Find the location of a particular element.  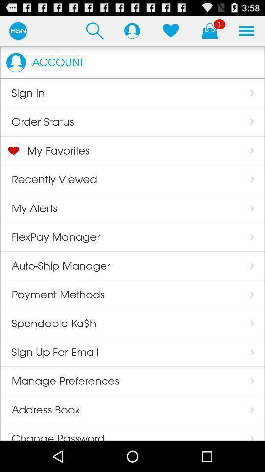

icon above the recently viewed app is located at coordinates (53, 150).